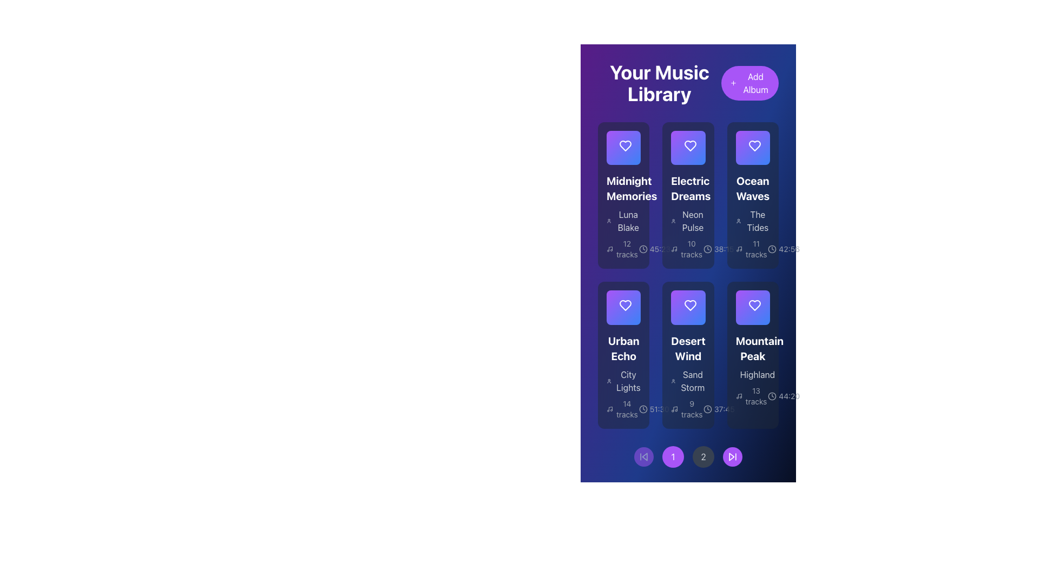 This screenshot has height=584, width=1039. Describe the element at coordinates (732, 456) in the screenshot. I see `the triangular-shaped navigation icon located at the bottom right of the pagination control section` at that location.